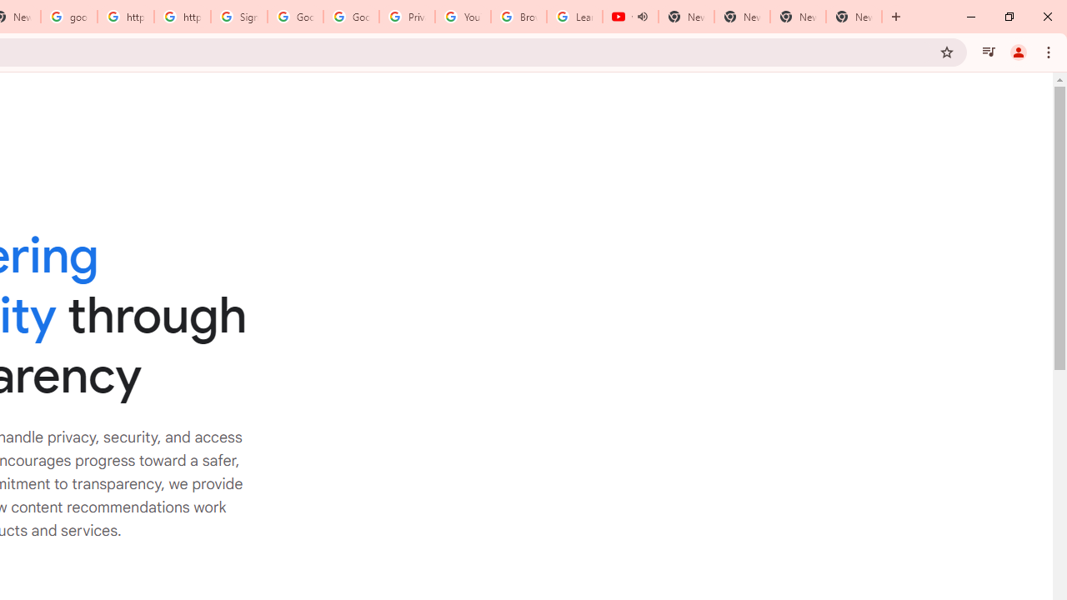  I want to click on 'Sign in - Google Accounts', so click(238, 17).